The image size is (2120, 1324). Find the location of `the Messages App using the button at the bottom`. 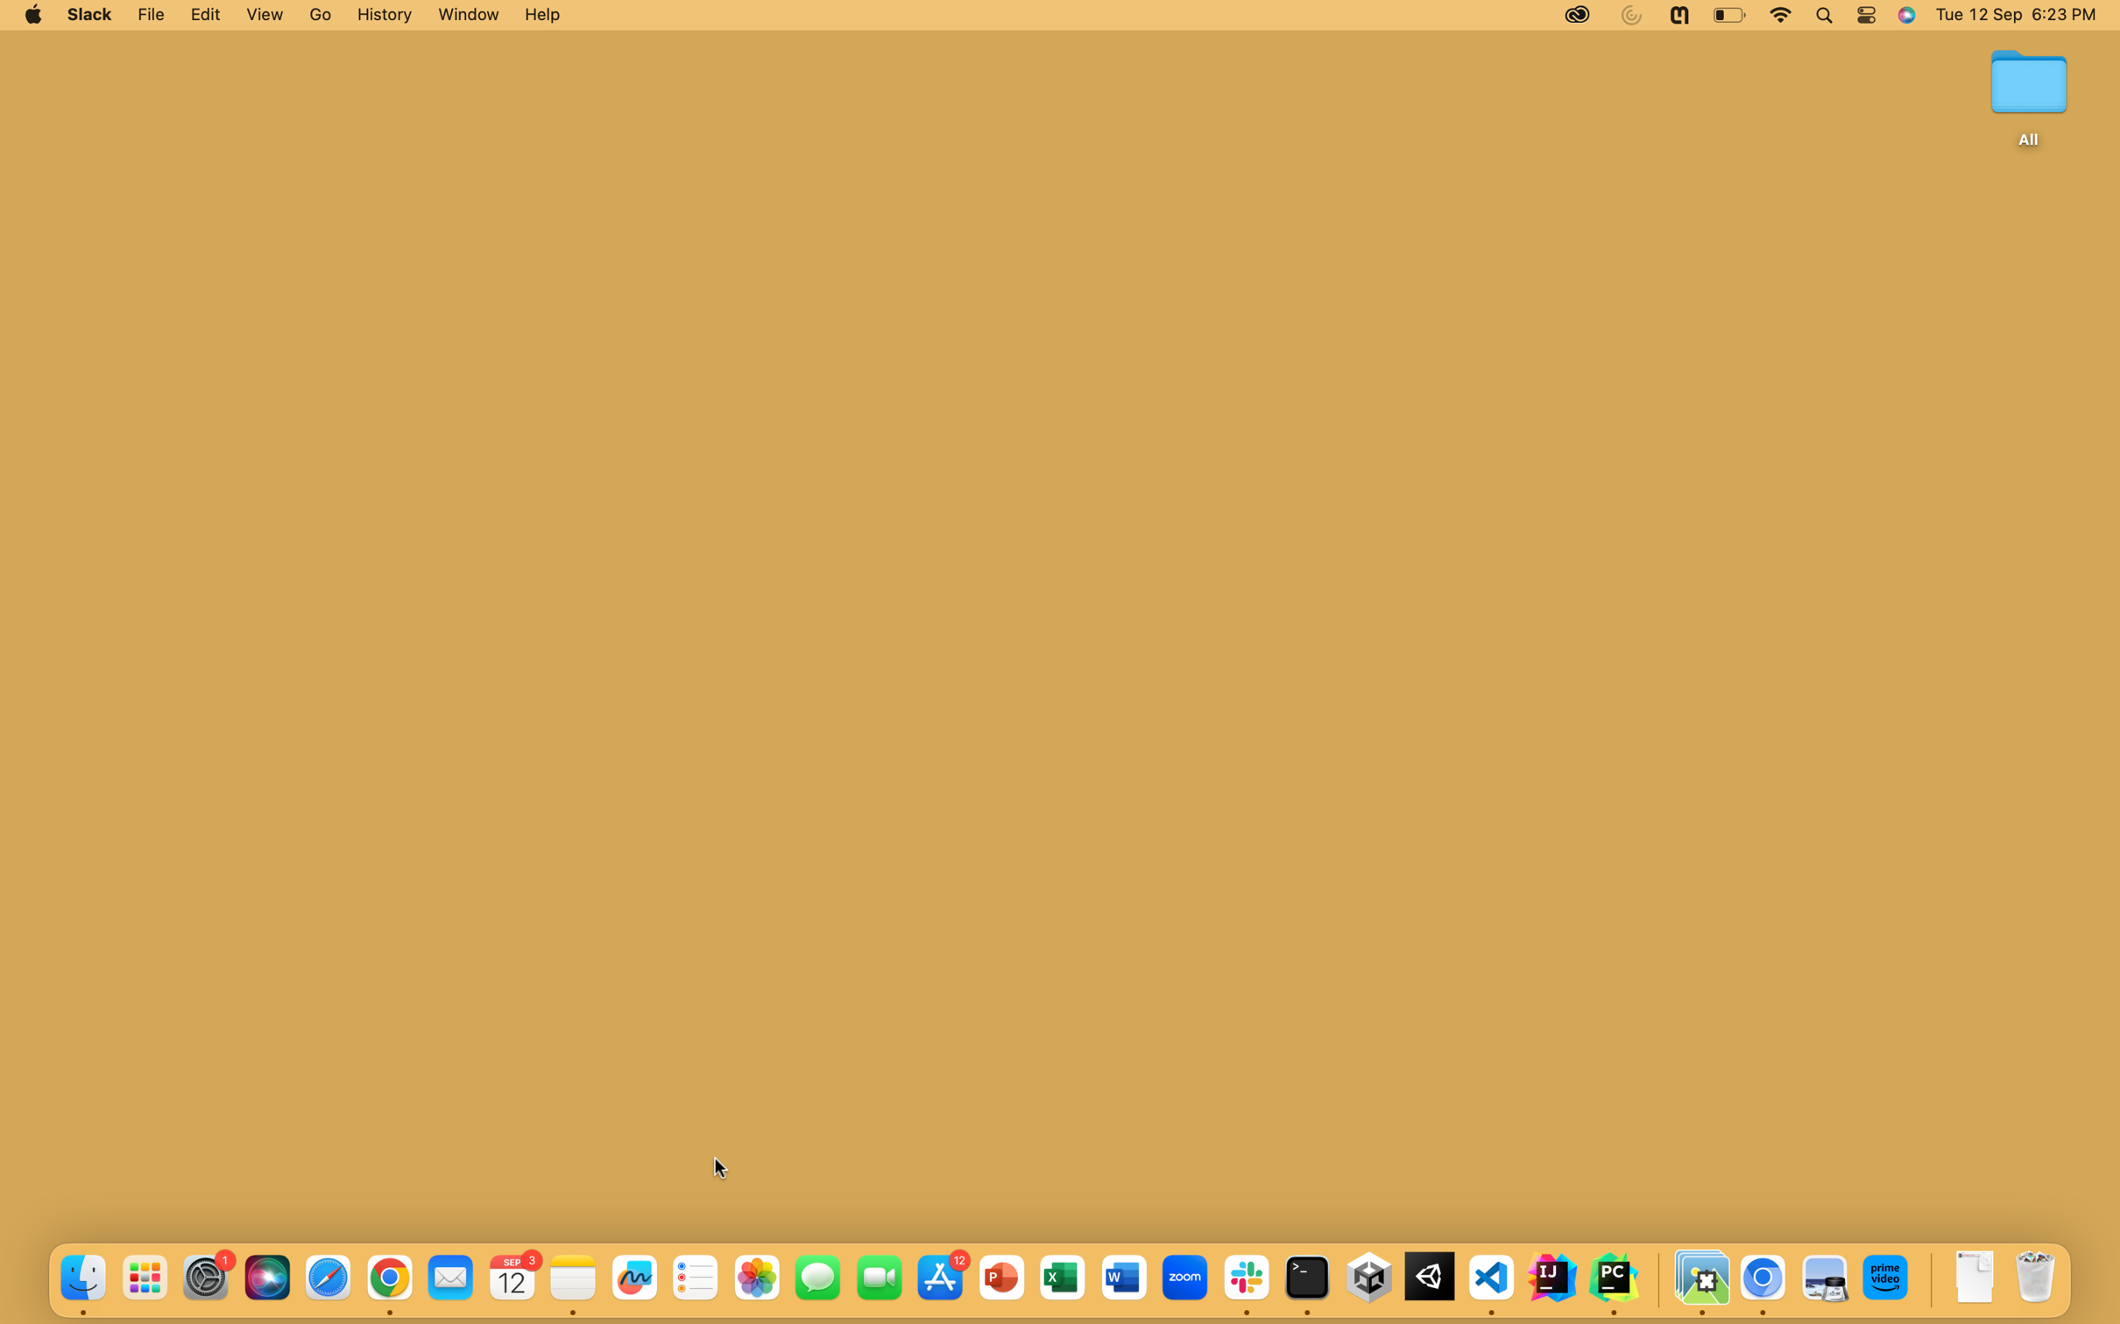

the Messages App using the button at the bottom is located at coordinates (816, 1277).